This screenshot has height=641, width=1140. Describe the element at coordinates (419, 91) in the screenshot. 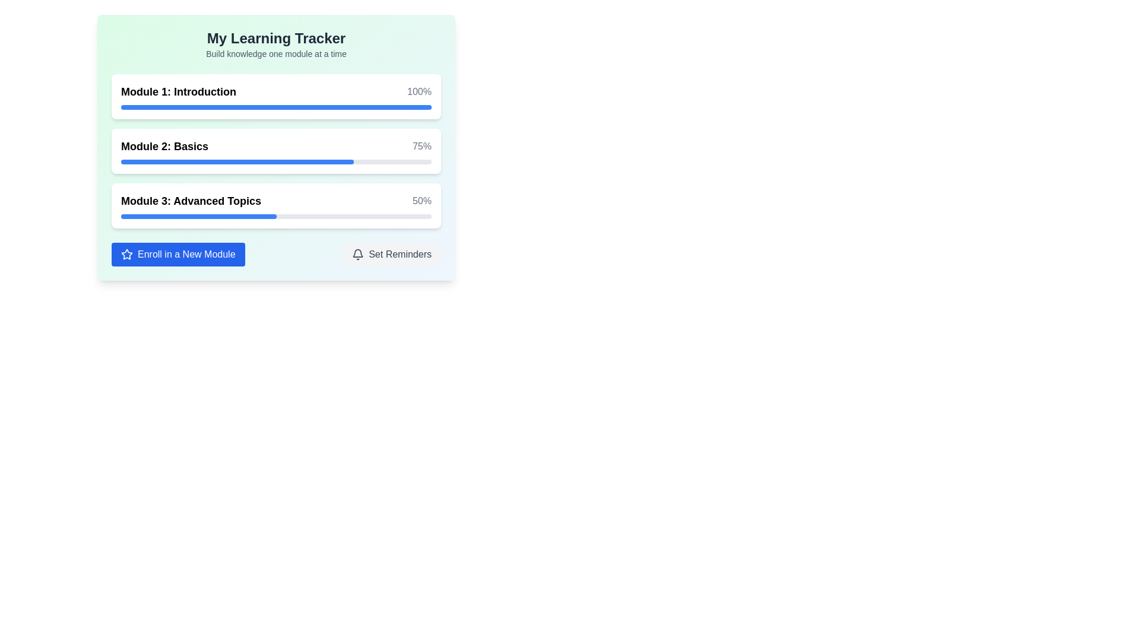

I see `the static text indicating 100% completion of 'Module 1: Introduction' located to the right of the header text` at that location.